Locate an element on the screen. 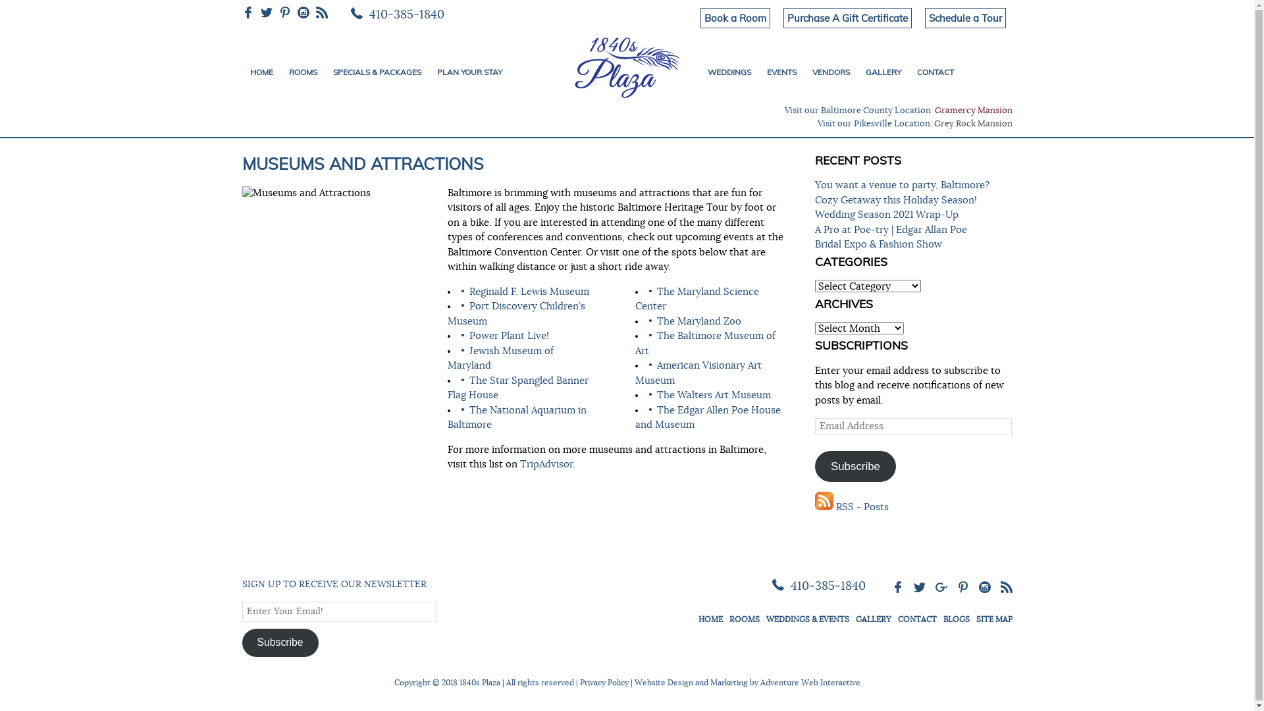 This screenshot has width=1264, height=711. ' RSS - Posts' is located at coordinates (852, 506).